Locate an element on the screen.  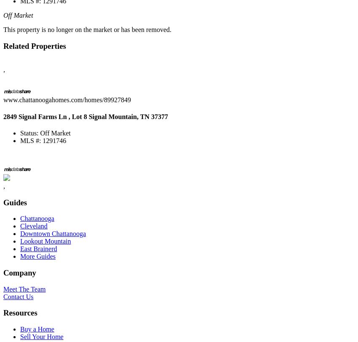
'Off Market' is located at coordinates (18, 14).